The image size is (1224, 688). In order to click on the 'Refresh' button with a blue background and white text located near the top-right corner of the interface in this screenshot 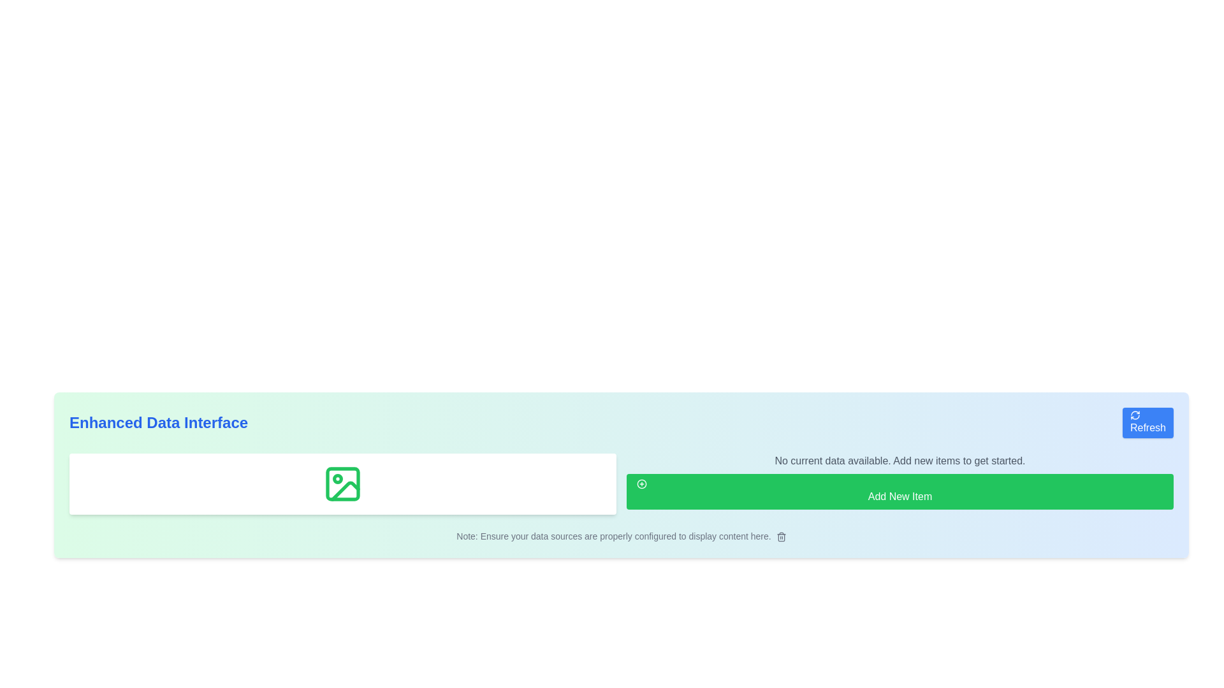, I will do `click(1147, 422)`.